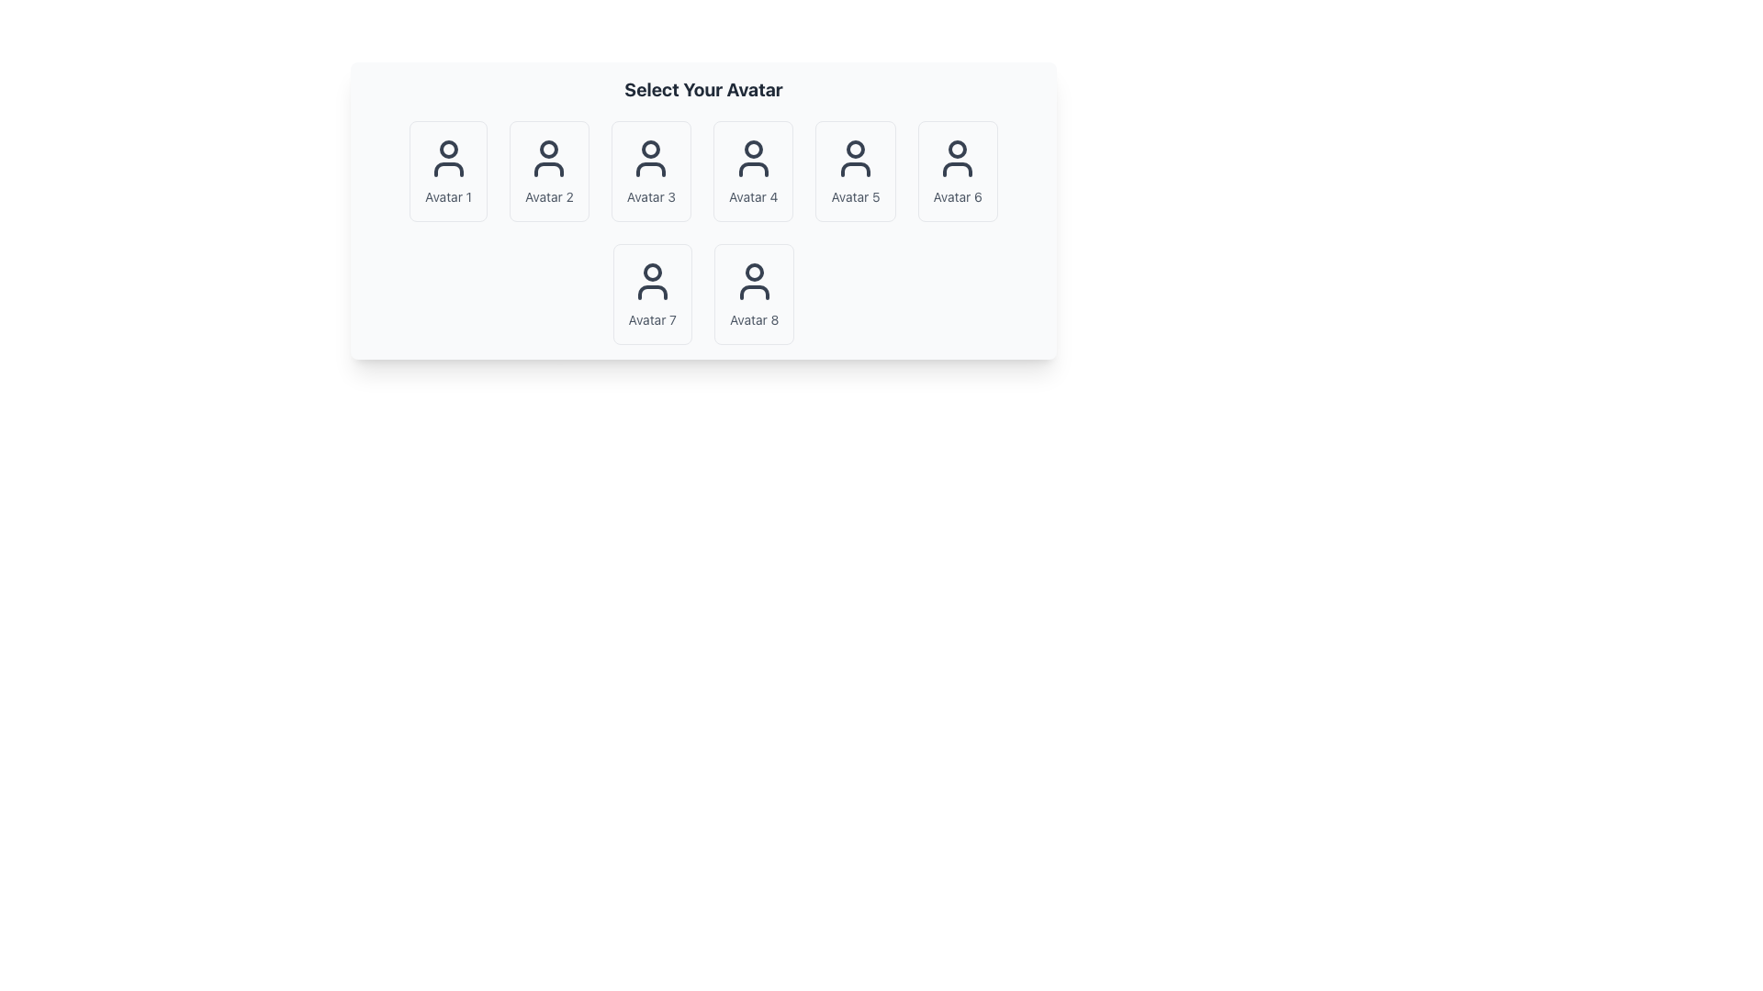 The image size is (1763, 991). What do you see at coordinates (753, 158) in the screenshot?
I see `the user avatar icon located within the grouped element labeled 'Avatar 4', which is the fourth avatar in the top row of the avatar selection section` at bounding box center [753, 158].